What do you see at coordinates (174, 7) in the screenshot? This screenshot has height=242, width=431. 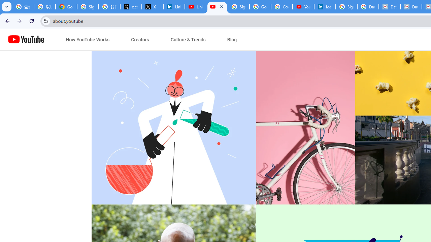 I see `'LinkedIn Privacy Policy'` at bounding box center [174, 7].